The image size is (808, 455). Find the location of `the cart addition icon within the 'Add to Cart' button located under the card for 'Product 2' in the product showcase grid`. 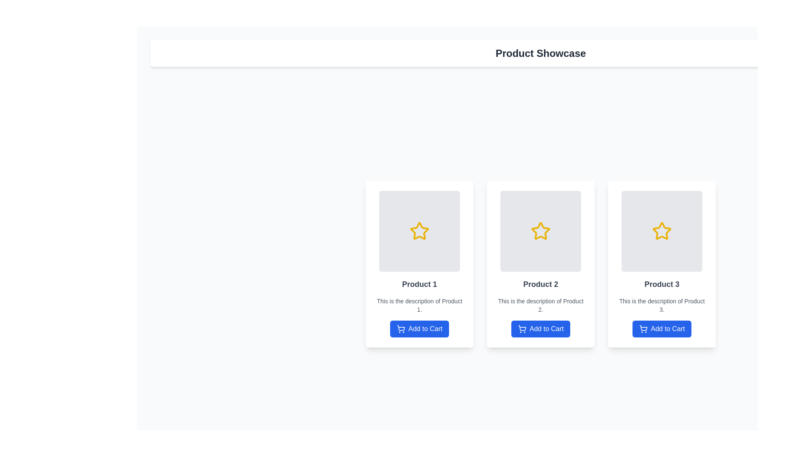

the cart addition icon within the 'Add to Cart' button located under the card for 'Product 2' in the product showcase grid is located at coordinates (521, 328).